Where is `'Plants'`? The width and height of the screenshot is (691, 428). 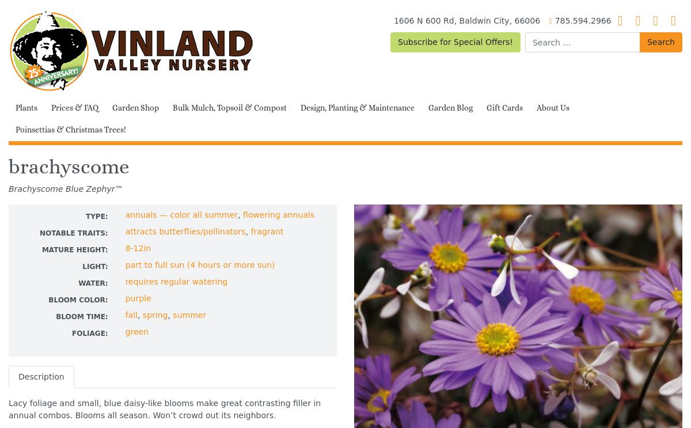
'Plants' is located at coordinates (26, 108).